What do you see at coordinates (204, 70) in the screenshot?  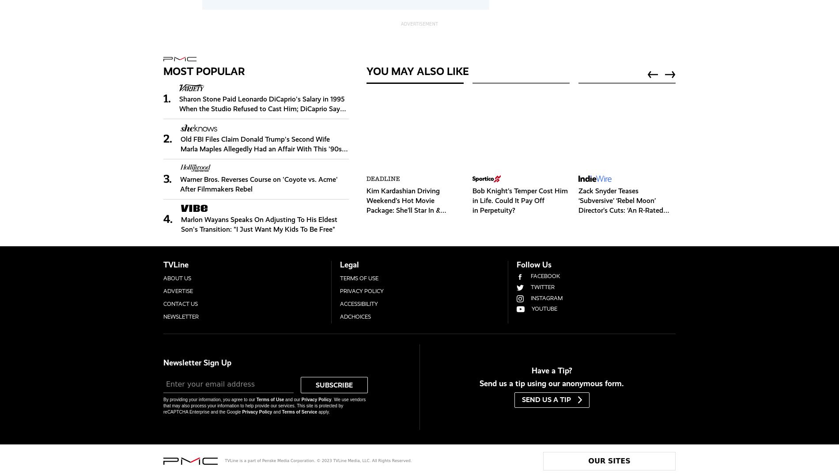 I see `'Most Popular'` at bounding box center [204, 70].